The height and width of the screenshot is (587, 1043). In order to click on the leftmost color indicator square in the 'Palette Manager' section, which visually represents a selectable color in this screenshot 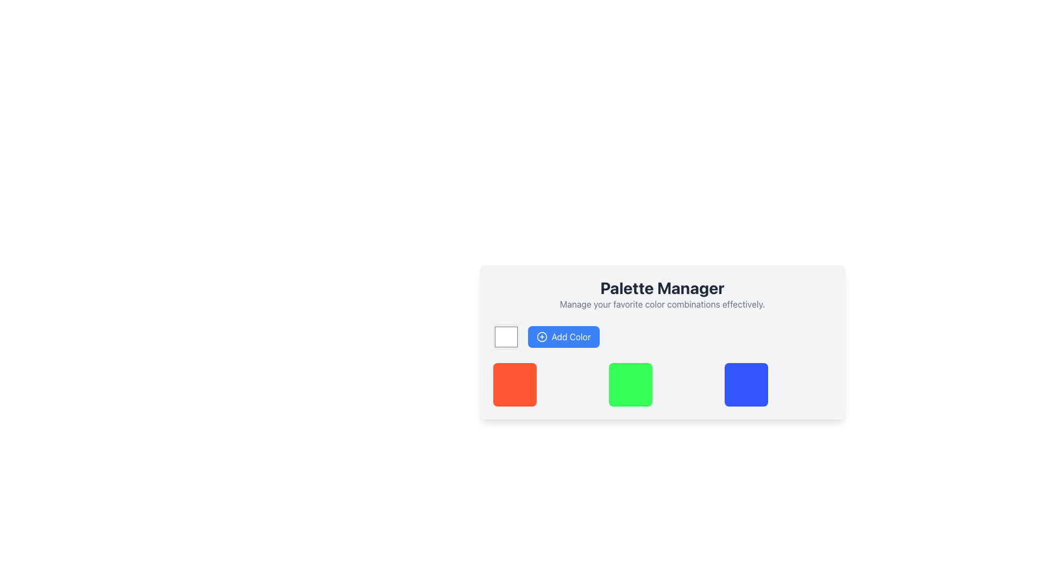, I will do `click(514, 384)`.